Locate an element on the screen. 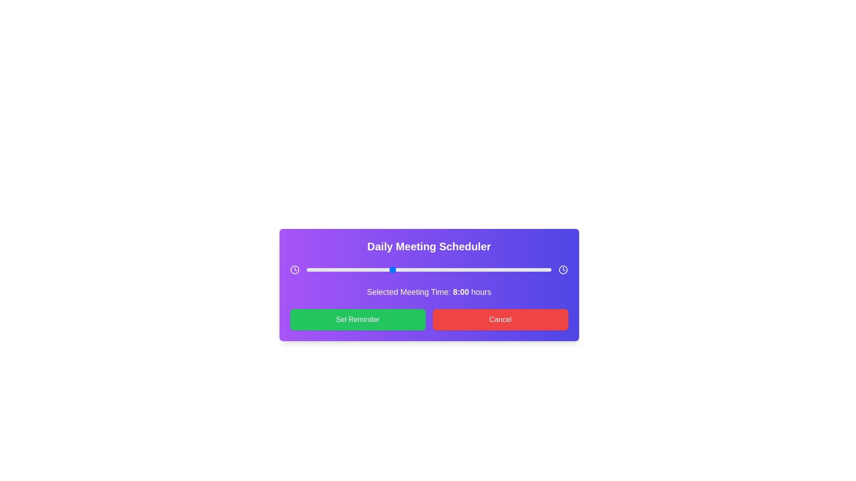 This screenshot has height=481, width=856. 'Set Reminder' button is located at coordinates (358, 319).